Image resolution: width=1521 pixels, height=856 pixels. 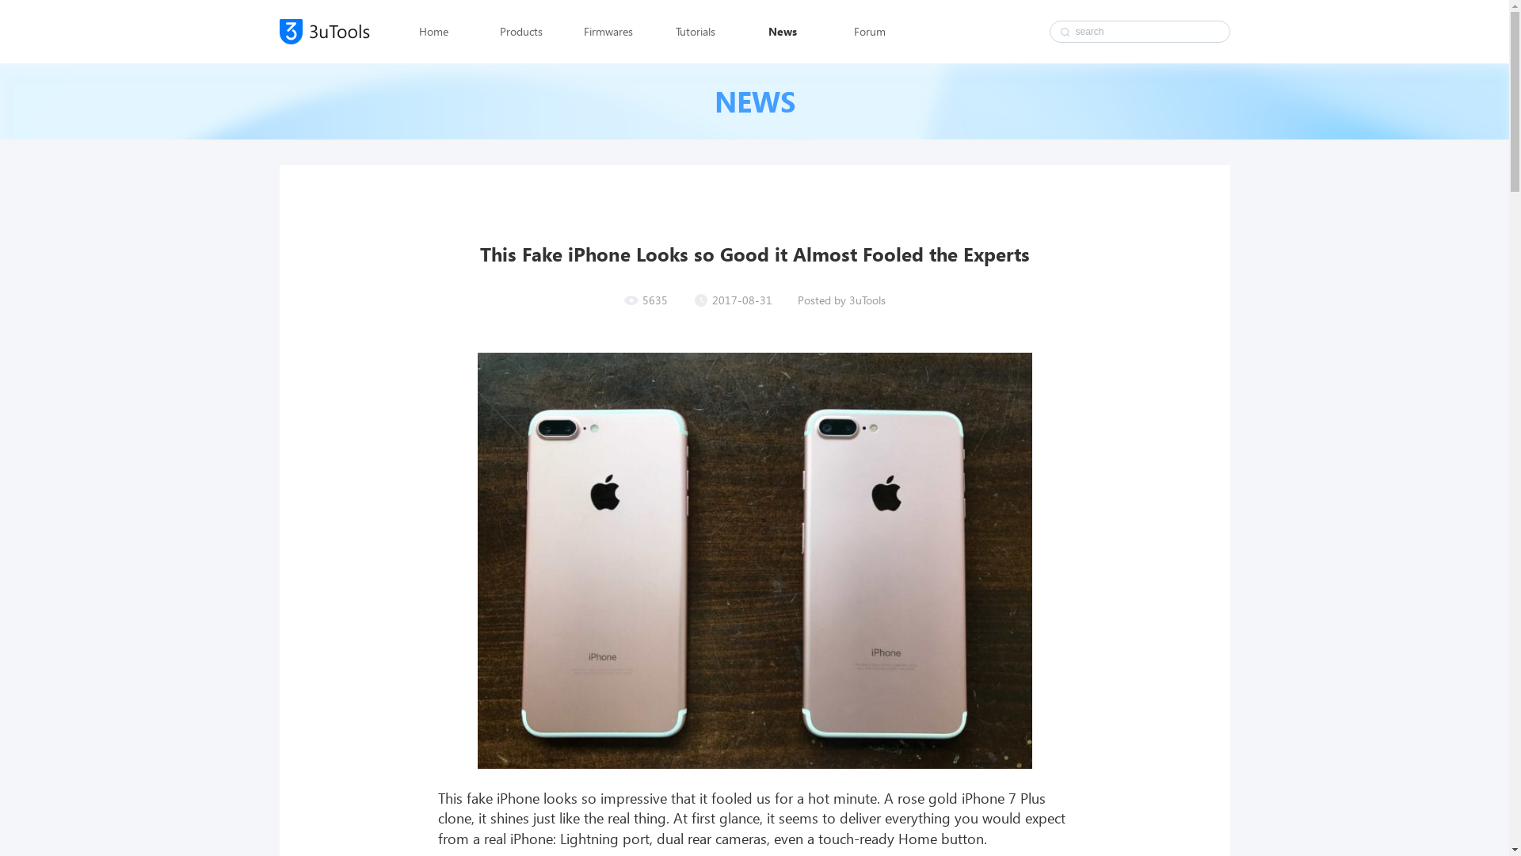 I want to click on 'Forum', so click(x=840, y=31).